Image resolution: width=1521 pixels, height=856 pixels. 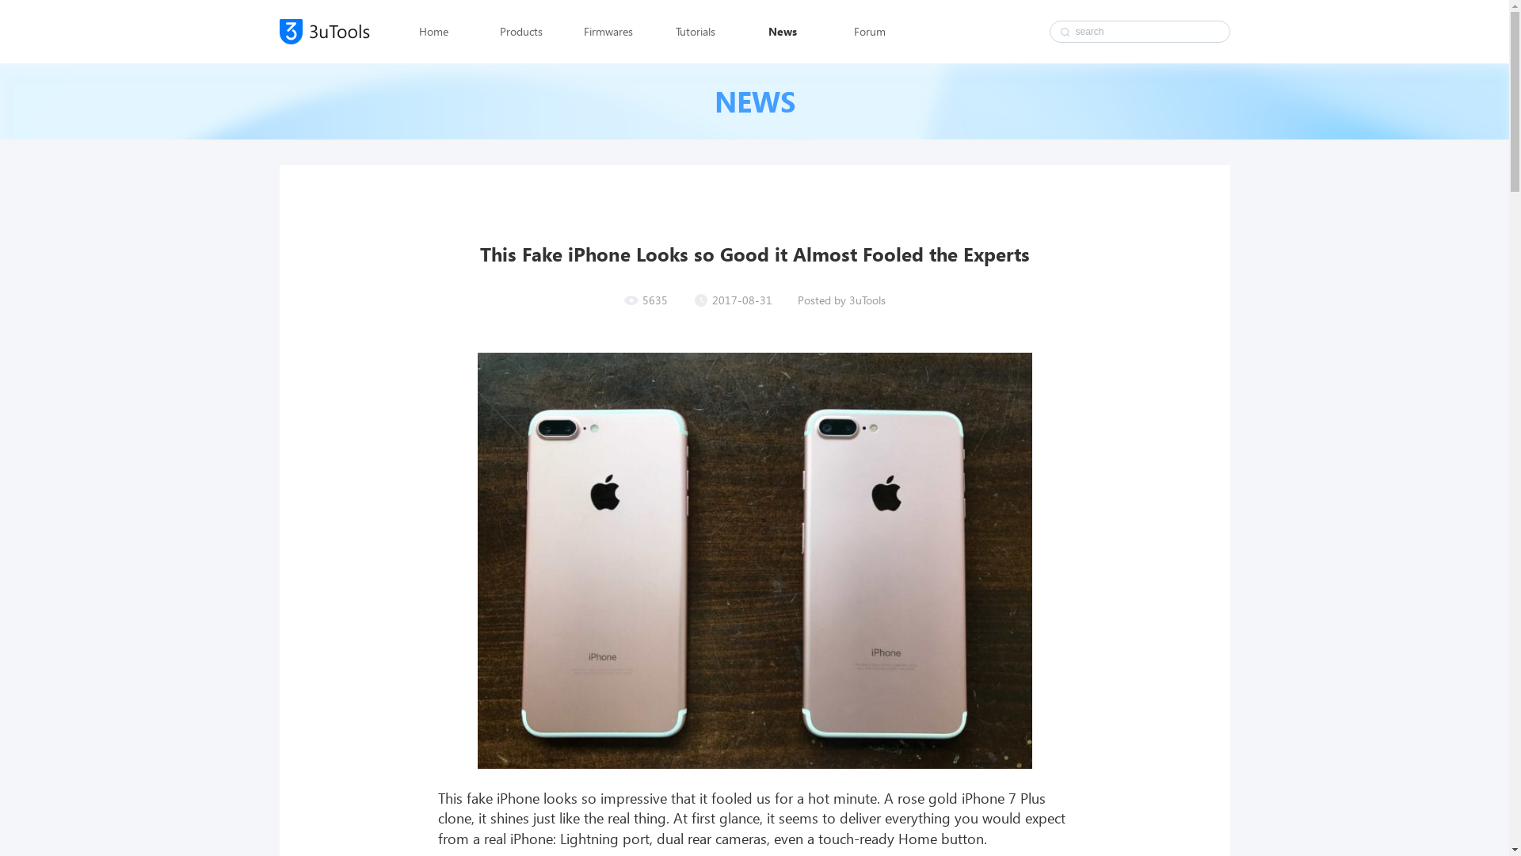 I want to click on 'Forum', so click(x=840, y=31).